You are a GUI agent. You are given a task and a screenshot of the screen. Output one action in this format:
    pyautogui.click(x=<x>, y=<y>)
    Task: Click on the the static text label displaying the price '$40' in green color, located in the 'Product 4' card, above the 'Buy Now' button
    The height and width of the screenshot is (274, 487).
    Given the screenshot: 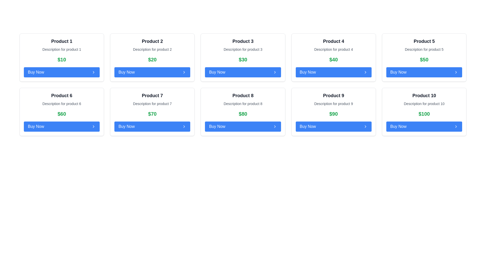 What is the action you would take?
    pyautogui.click(x=334, y=59)
    